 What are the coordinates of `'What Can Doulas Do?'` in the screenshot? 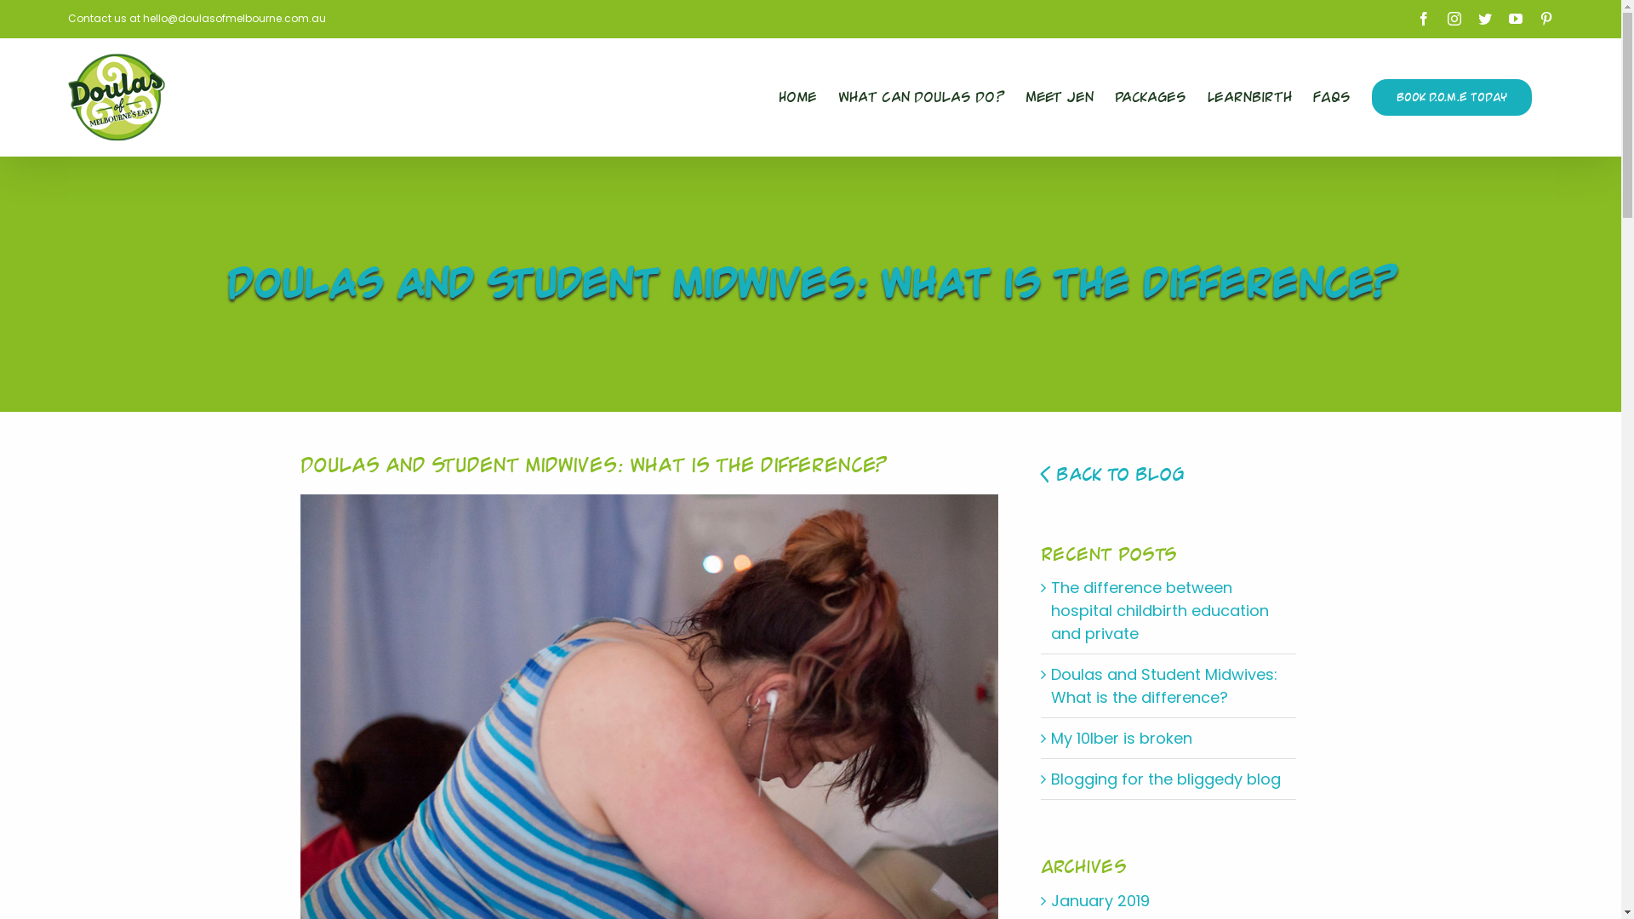 It's located at (920, 97).